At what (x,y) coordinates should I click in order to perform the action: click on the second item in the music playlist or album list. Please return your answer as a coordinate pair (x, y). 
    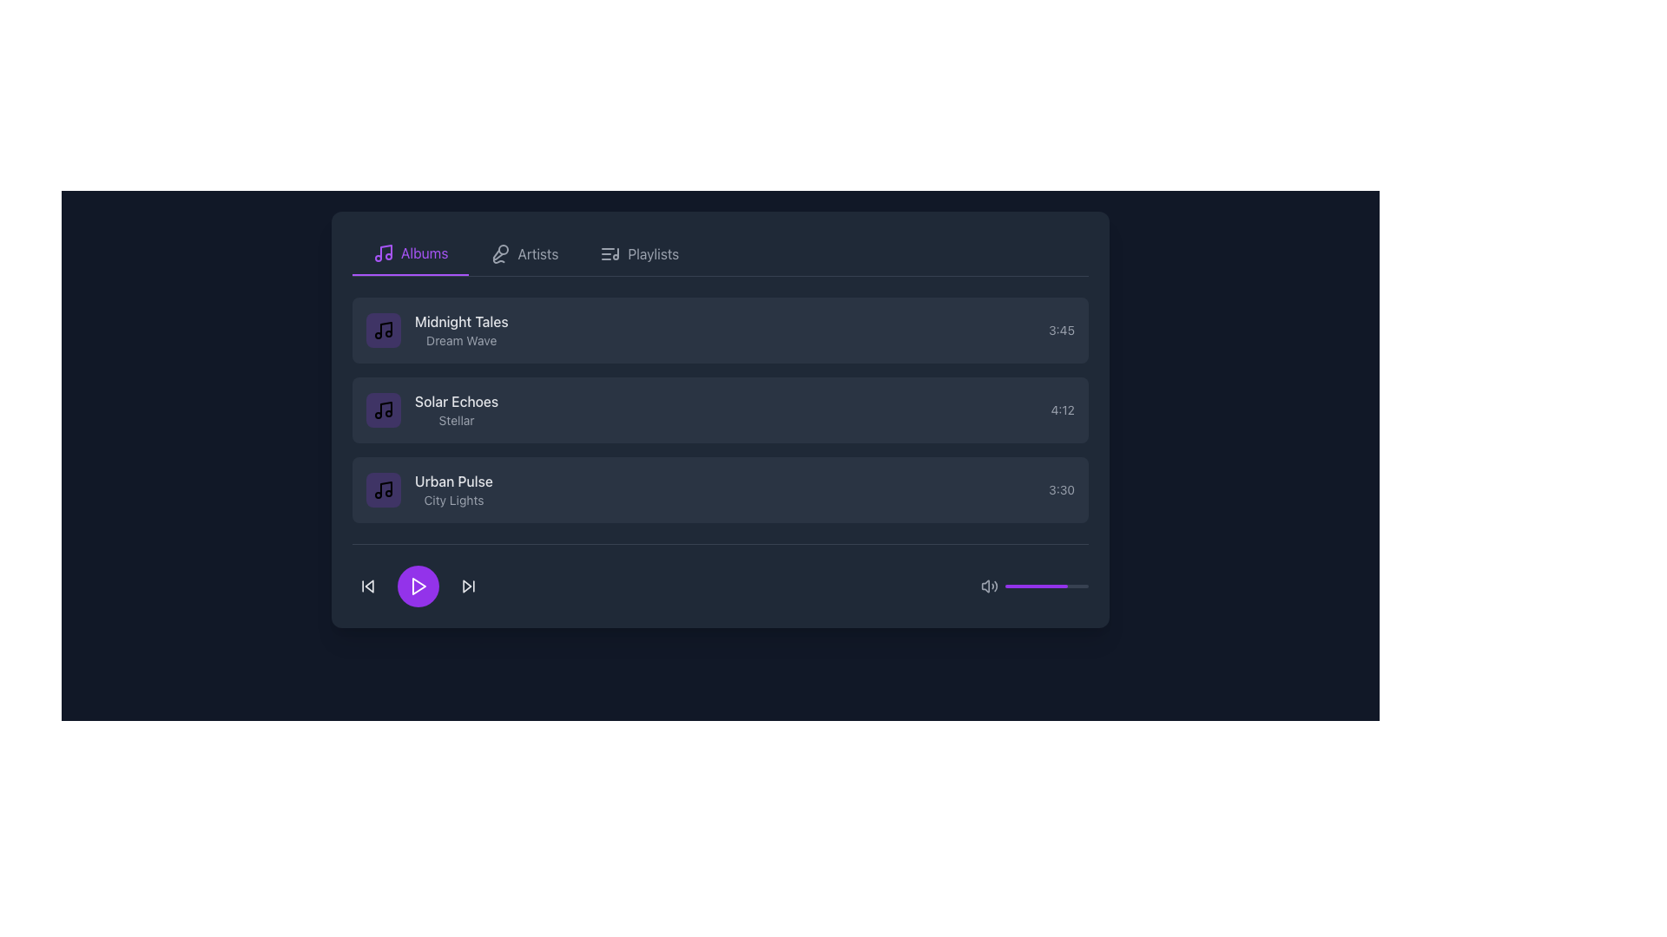
    Looking at the image, I should click on (457, 410).